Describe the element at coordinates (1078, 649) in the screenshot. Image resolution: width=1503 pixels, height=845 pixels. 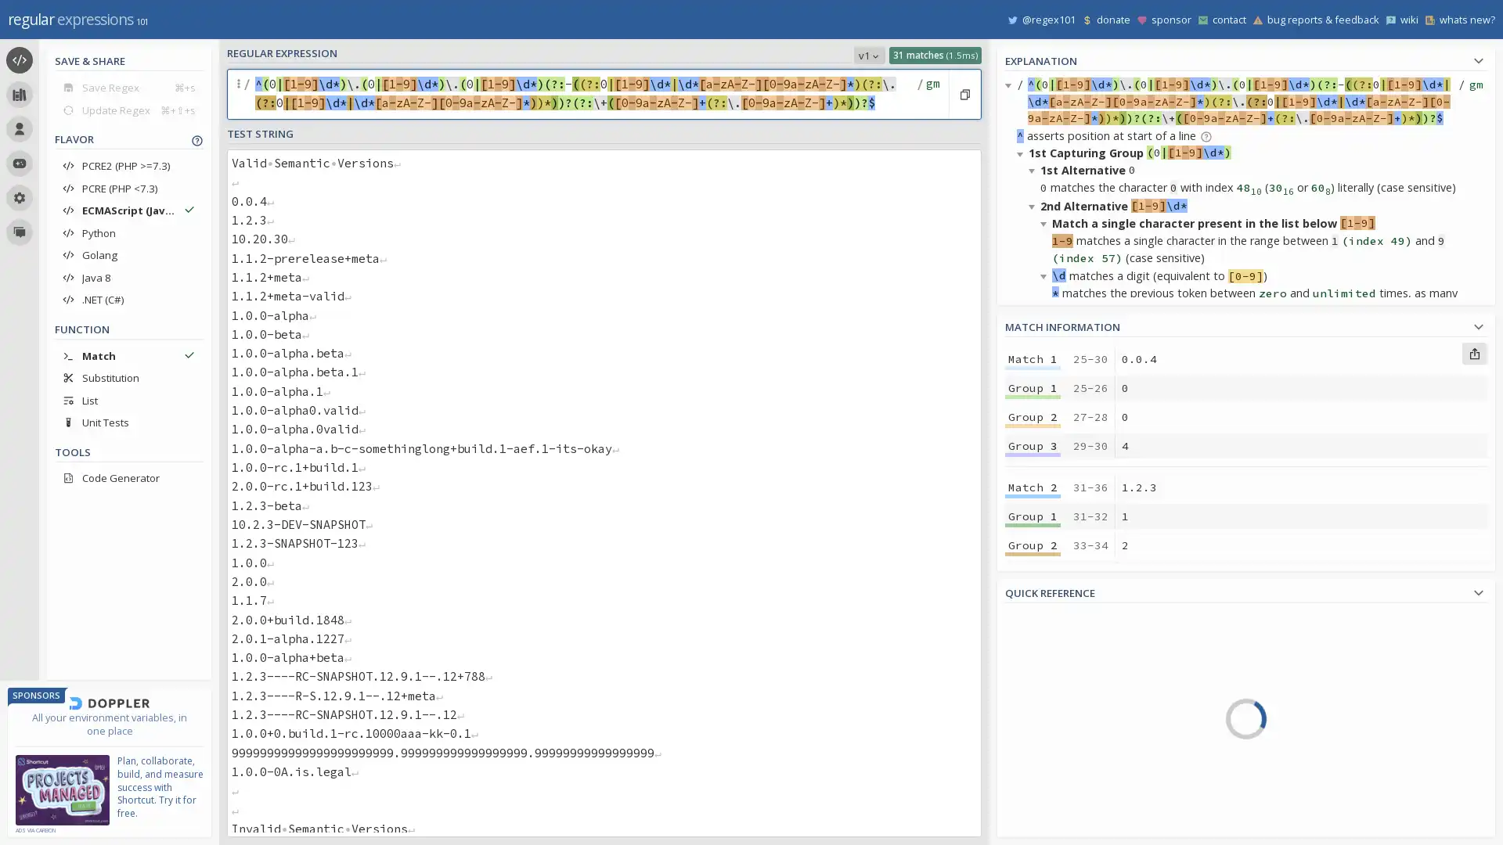
I see `All Tokens` at that location.